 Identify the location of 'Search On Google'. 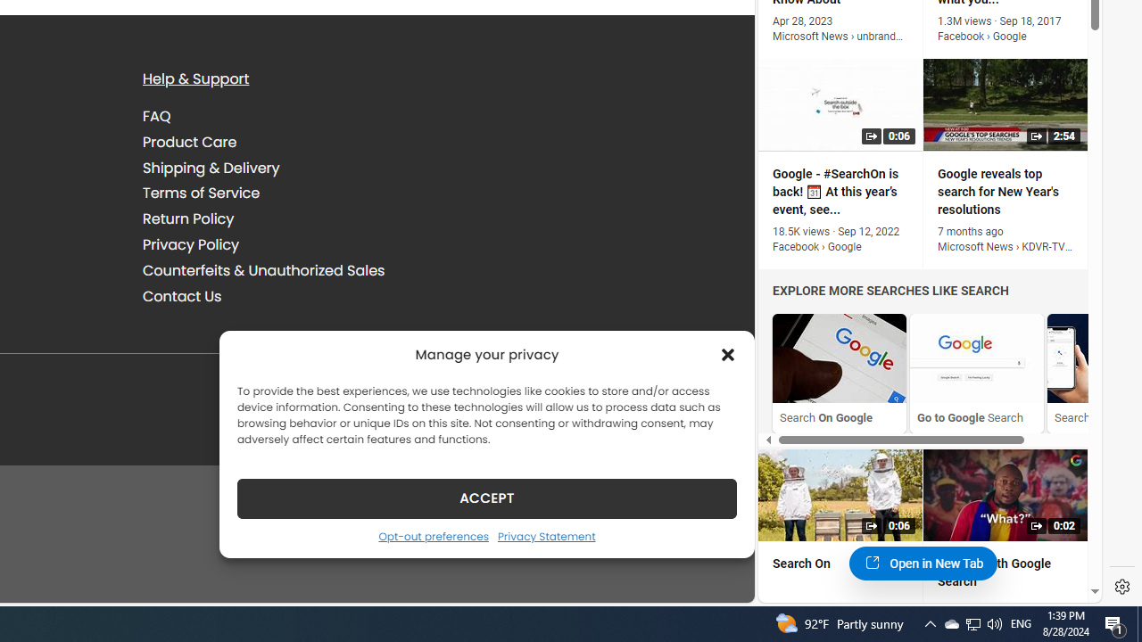
(839, 358).